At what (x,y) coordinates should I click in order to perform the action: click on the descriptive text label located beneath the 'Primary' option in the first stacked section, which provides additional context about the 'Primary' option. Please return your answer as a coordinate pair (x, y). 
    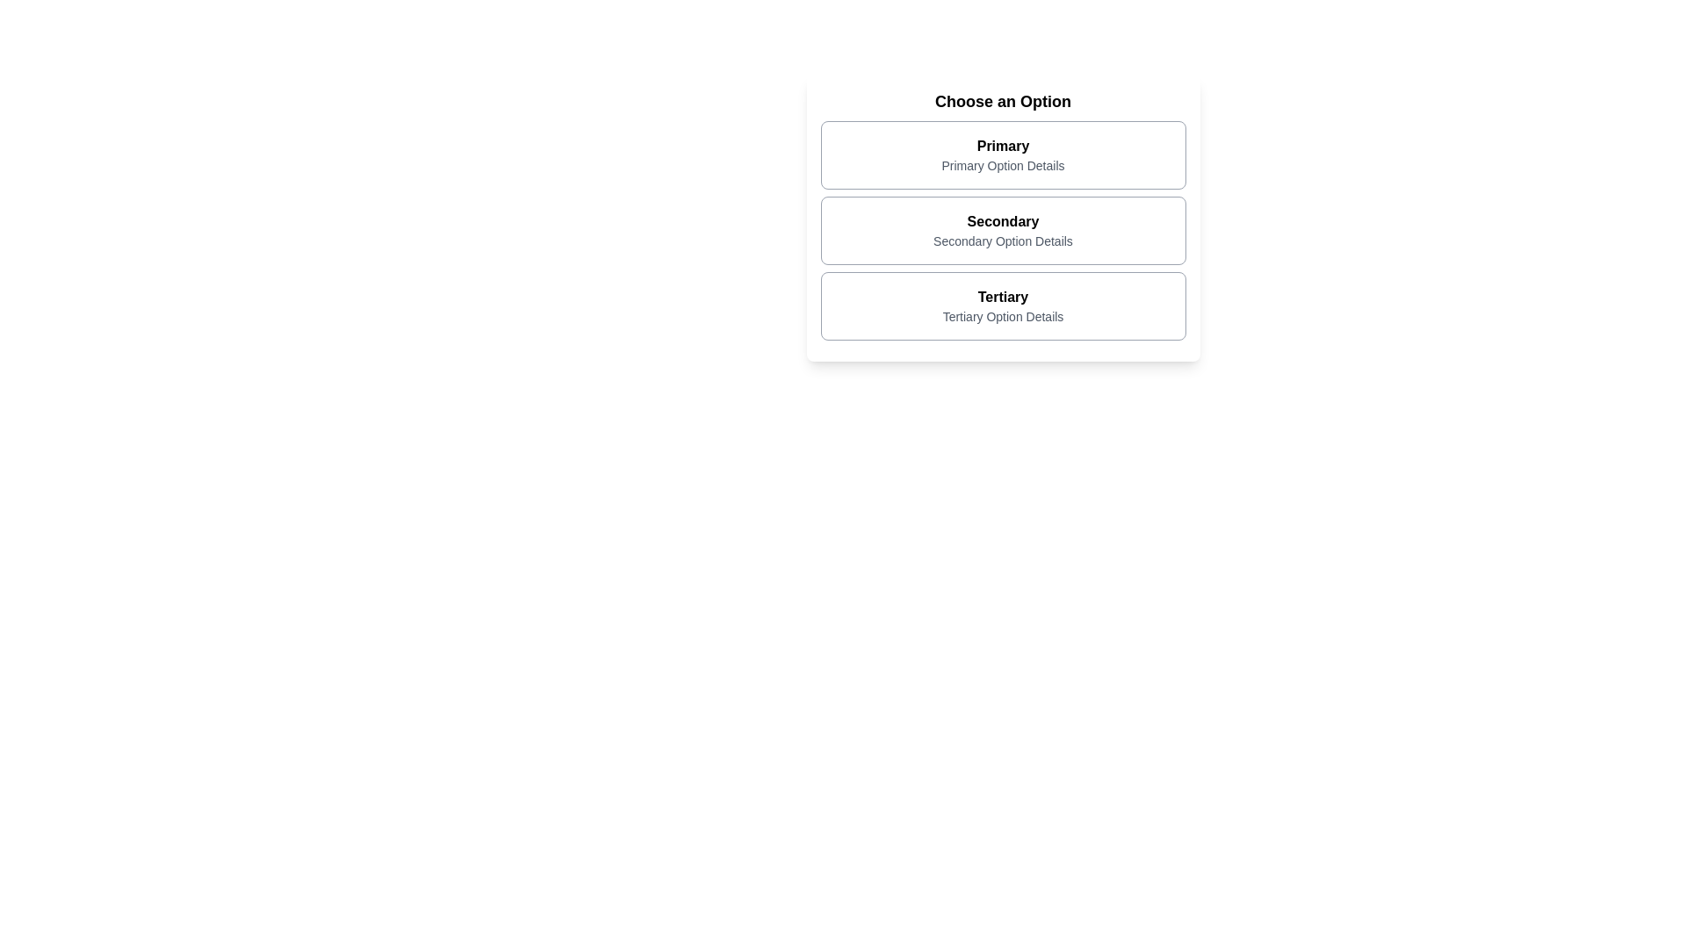
    Looking at the image, I should click on (1003, 166).